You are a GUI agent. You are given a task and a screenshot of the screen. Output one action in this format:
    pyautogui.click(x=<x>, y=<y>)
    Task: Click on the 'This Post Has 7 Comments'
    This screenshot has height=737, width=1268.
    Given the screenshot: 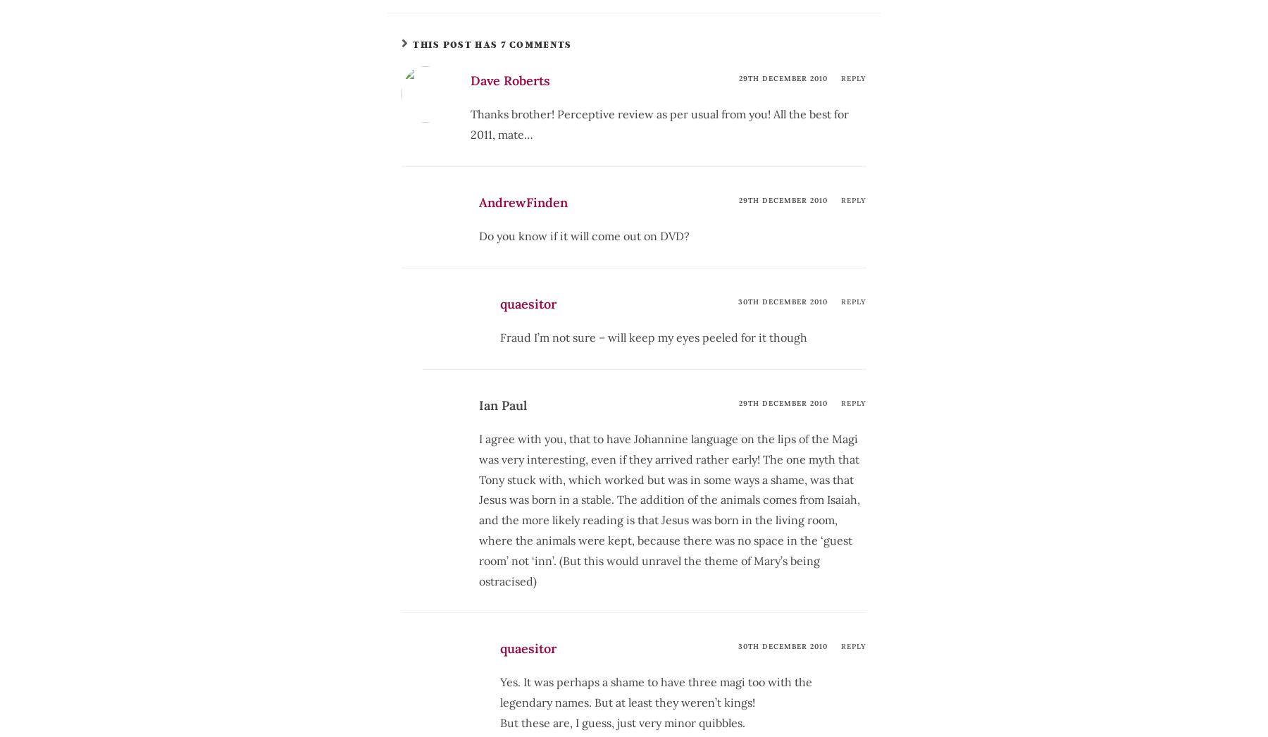 What is the action you would take?
    pyautogui.click(x=491, y=43)
    